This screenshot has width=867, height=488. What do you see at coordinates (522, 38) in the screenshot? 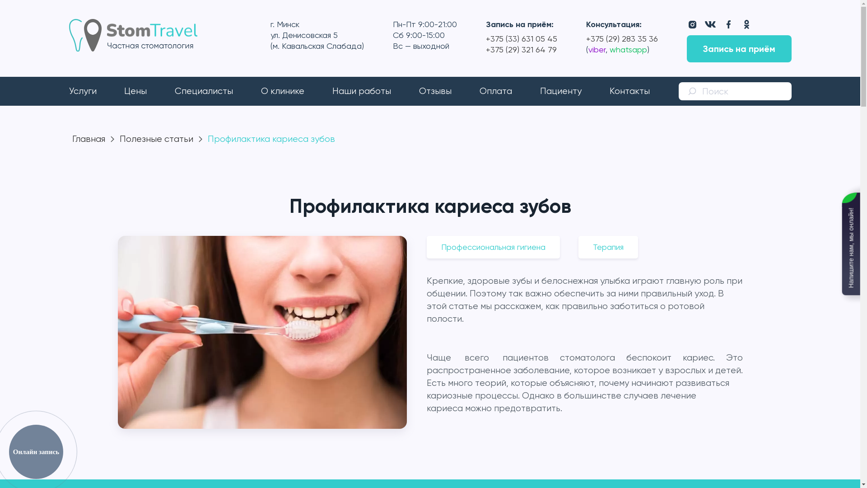
I see `'+375 (33) 631 05 45'` at bounding box center [522, 38].